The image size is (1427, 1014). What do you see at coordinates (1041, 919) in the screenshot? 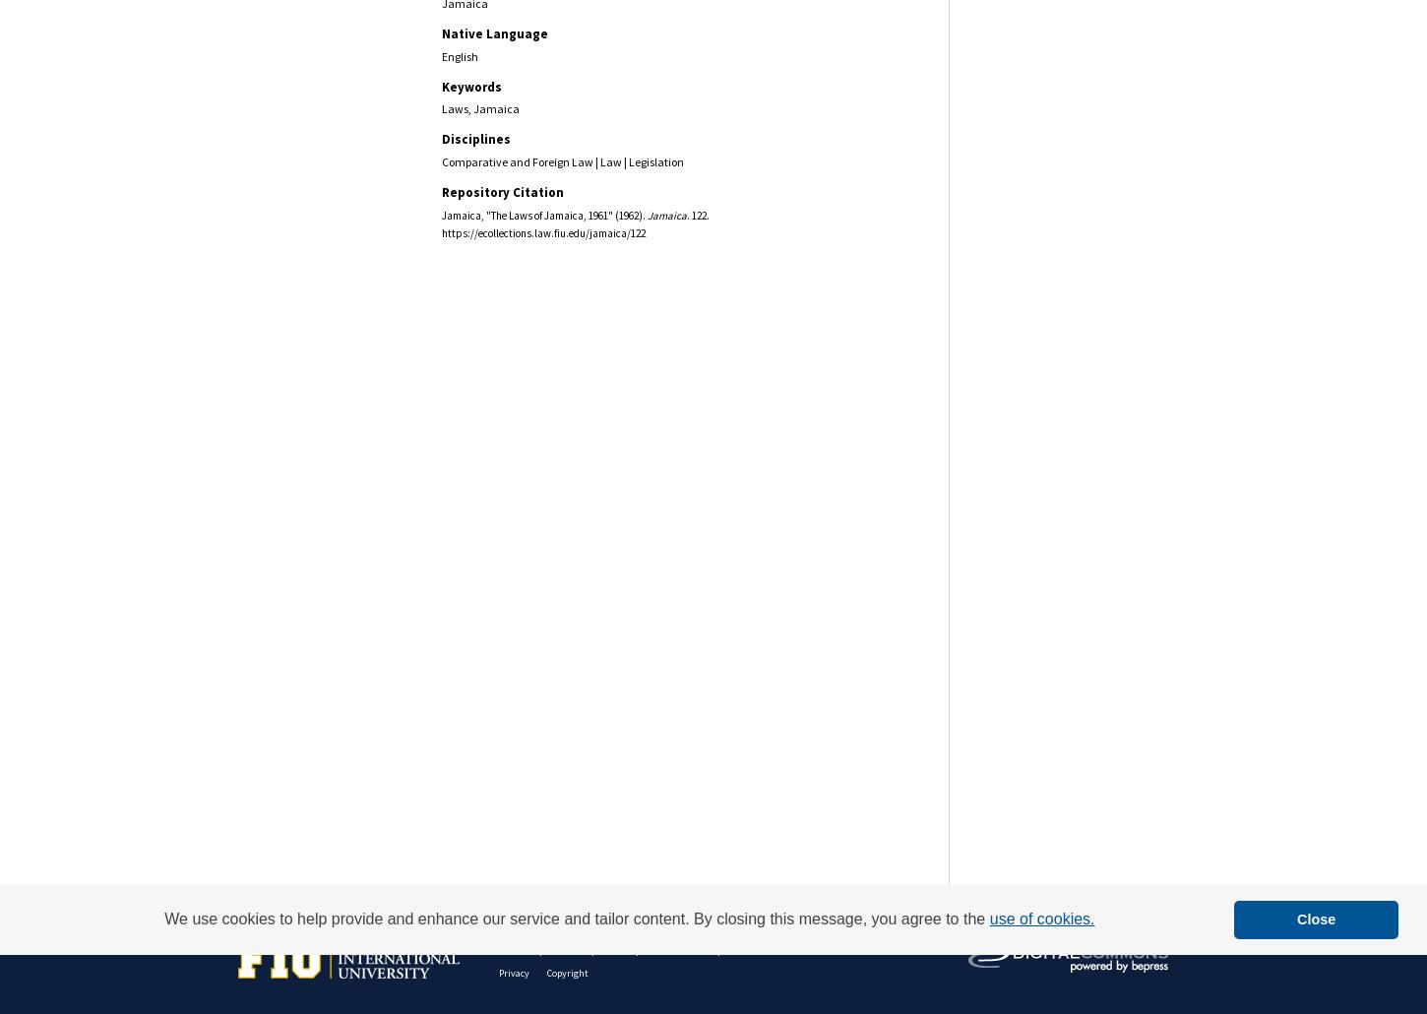
I see `'use of cookies.'` at bounding box center [1041, 919].